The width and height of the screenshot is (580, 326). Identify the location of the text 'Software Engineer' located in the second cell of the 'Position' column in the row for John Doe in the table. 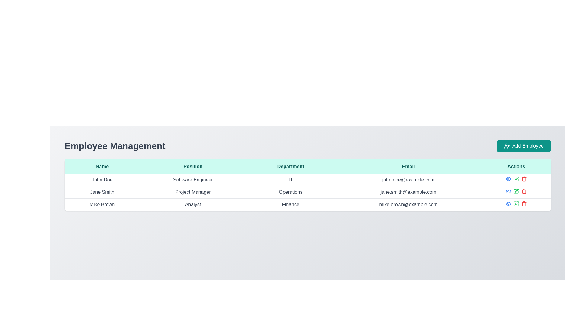
(192, 180).